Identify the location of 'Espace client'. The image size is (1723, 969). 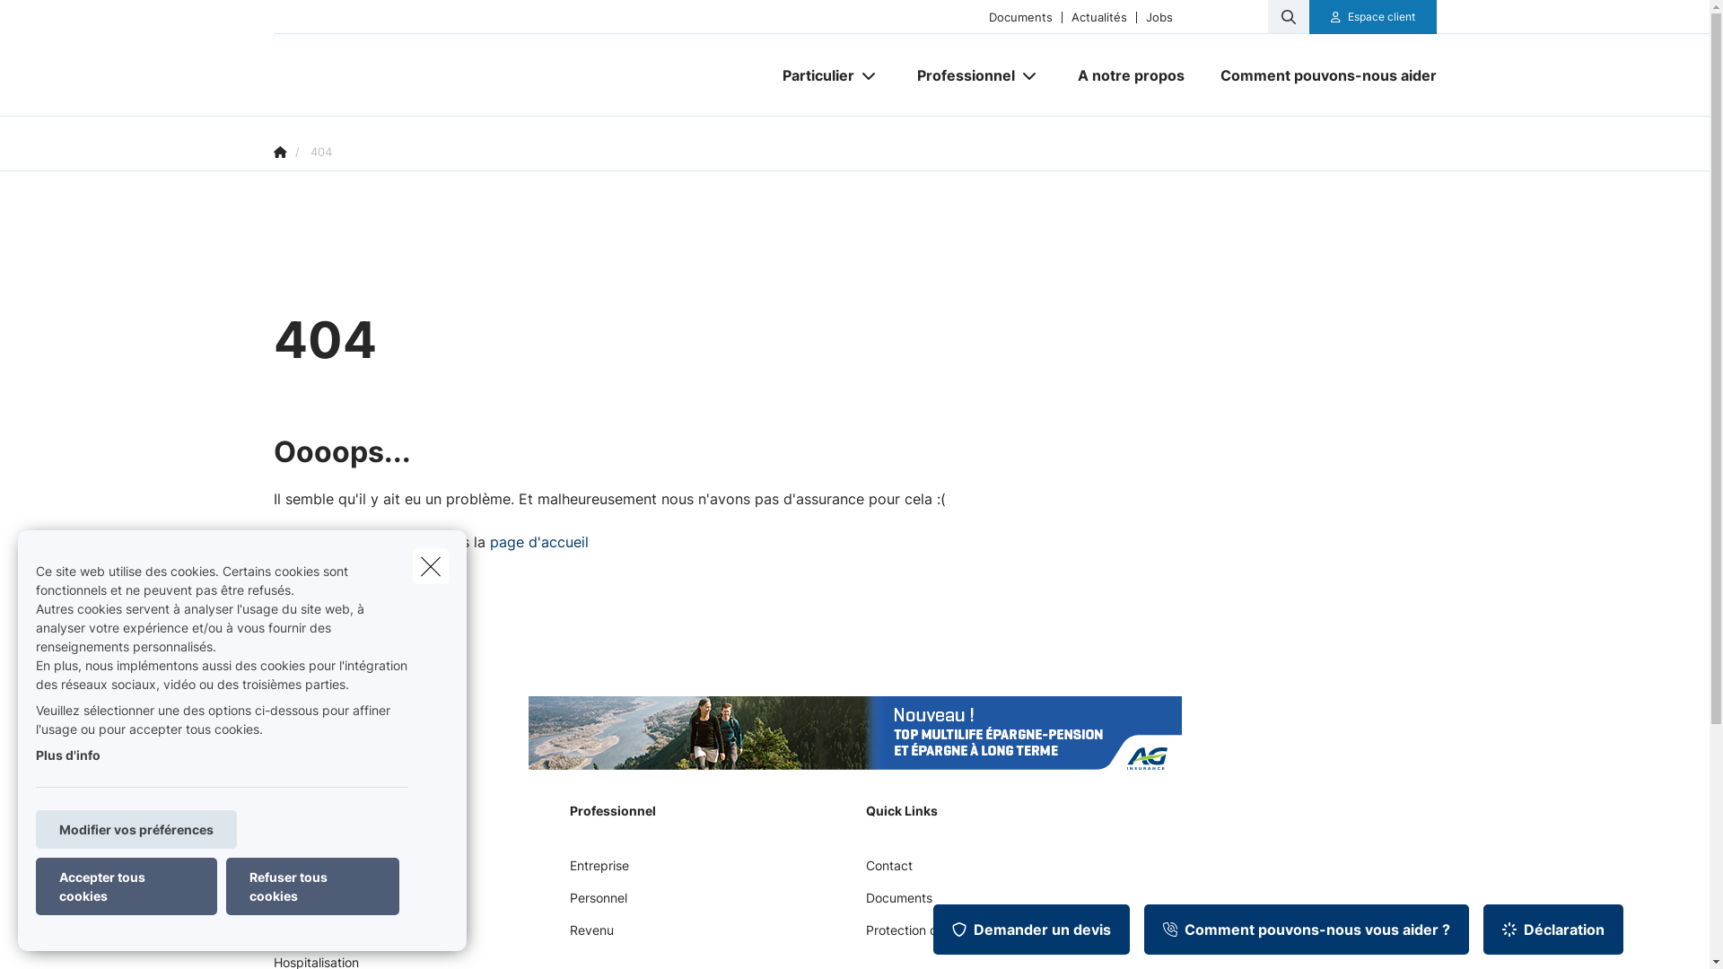
(1380, 17).